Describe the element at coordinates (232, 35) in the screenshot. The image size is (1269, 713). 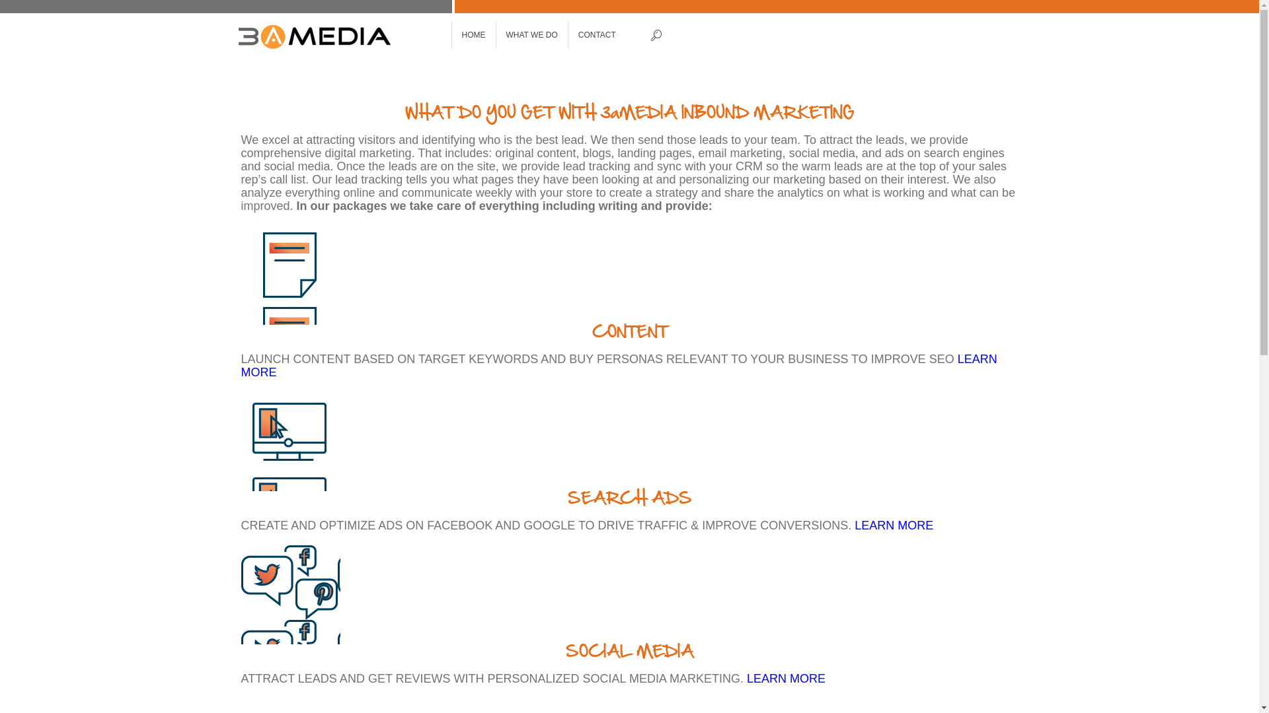
I see `'3aMedia'` at that location.